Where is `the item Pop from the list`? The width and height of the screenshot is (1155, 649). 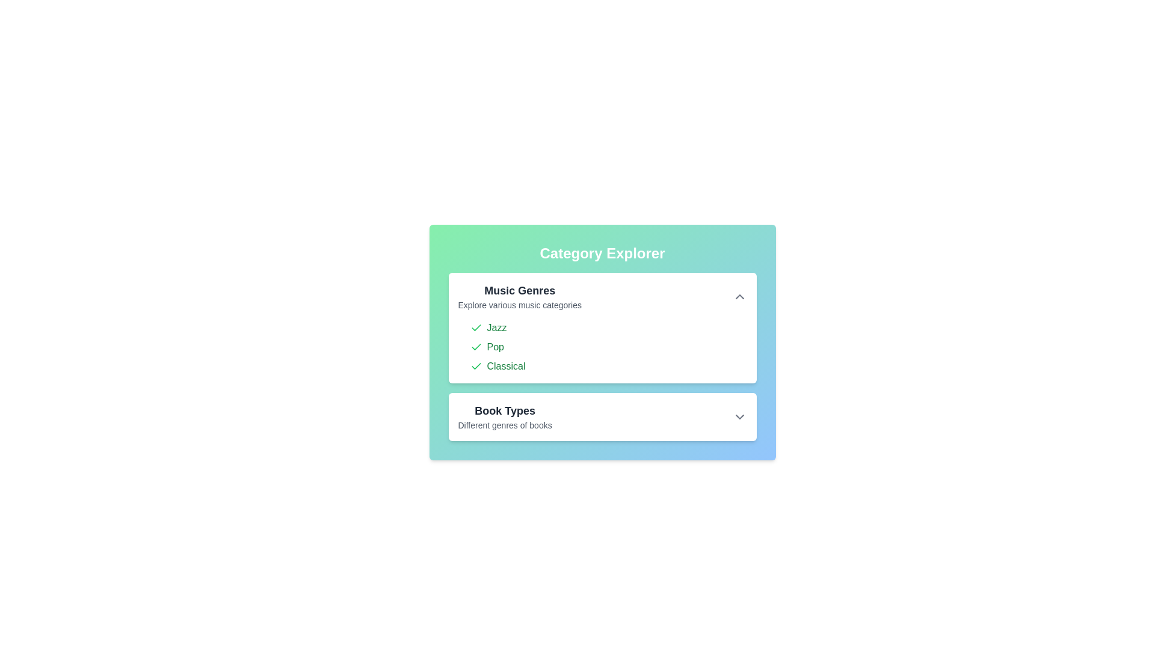 the item Pop from the list is located at coordinates (475, 347).